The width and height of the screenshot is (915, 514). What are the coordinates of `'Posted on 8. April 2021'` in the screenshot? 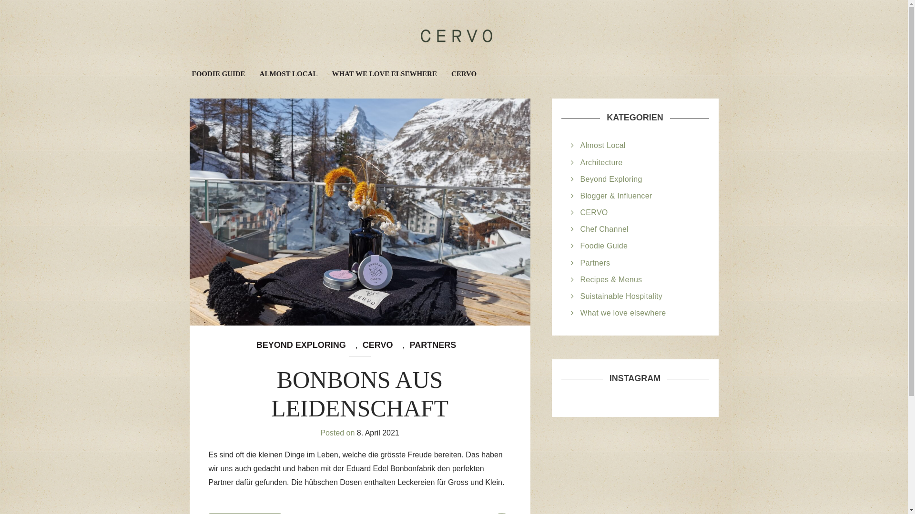 It's located at (320, 433).